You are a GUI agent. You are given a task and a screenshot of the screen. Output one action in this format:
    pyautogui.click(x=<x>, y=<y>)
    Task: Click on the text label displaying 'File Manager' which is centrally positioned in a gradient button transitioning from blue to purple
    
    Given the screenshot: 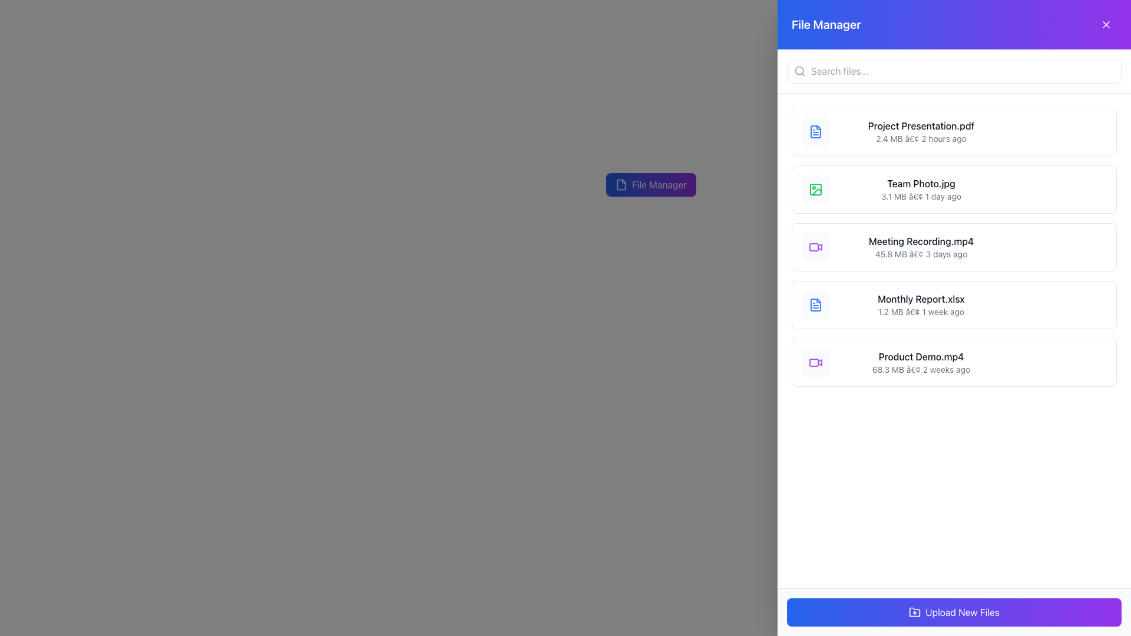 What is the action you would take?
    pyautogui.click(x=659, y=184)
    